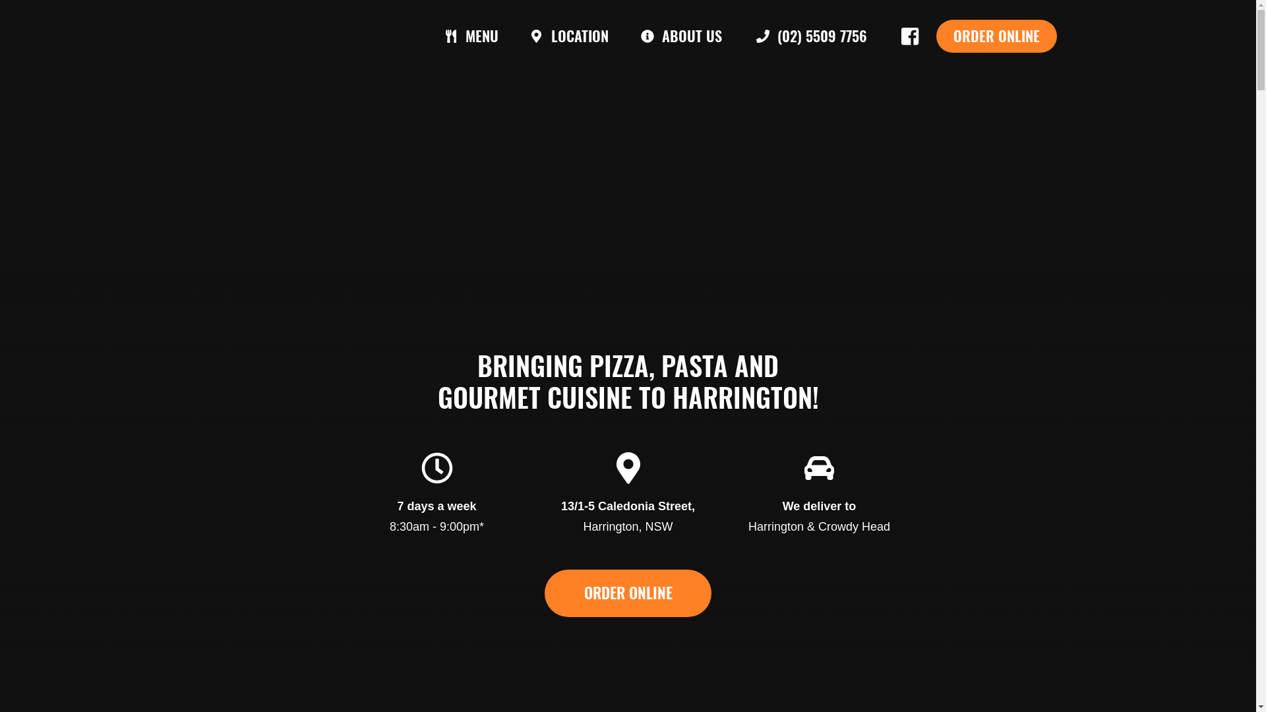 The width and height of the screenshot is (1266, 712). What do you see at coordinates (622, 35) in the screenshot?
I see `'ABOUT US'` at bounding box center [622, 35].